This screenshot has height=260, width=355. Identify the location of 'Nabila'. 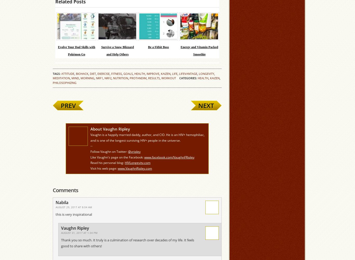
(62, 203).